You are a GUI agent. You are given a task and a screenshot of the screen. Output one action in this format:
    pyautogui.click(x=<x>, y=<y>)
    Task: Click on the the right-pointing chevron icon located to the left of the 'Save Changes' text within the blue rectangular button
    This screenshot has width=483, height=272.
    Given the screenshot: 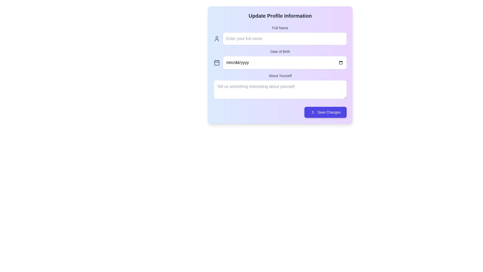 What is the action you would take?
    pyautogui.click(x=312, y=112)
    